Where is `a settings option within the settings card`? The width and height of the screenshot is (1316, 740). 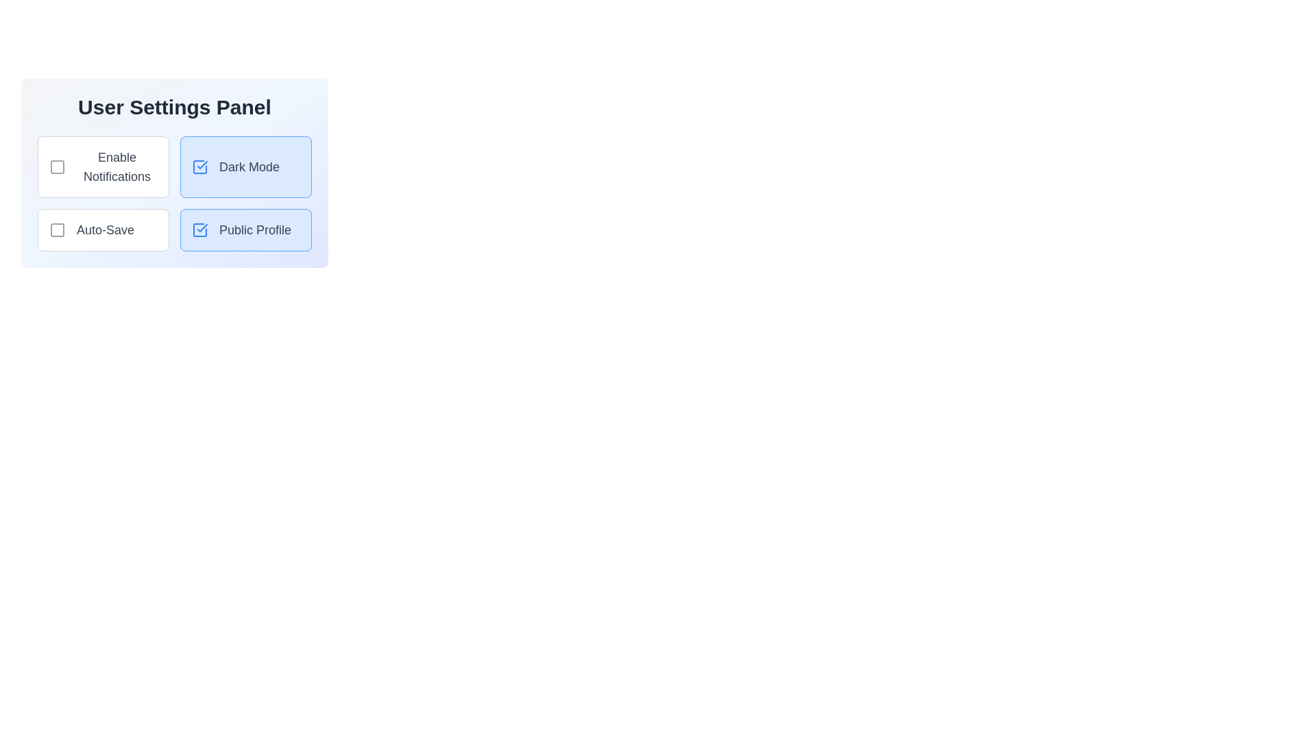
a settings option within the settings card is located at coordinates (173, 173).